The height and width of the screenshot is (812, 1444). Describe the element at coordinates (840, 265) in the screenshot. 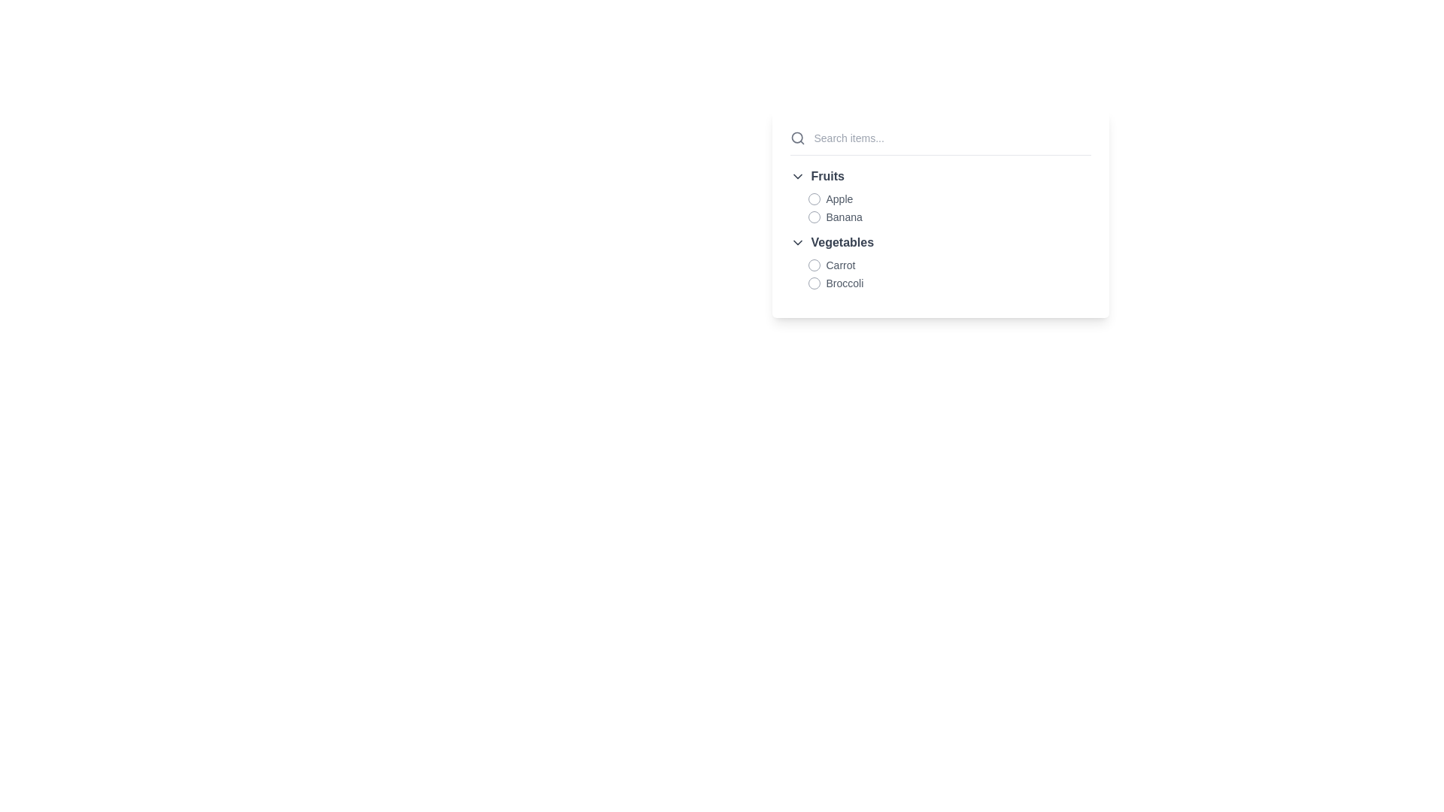

I see `text label that serves as the first selectable option under the 'Vegetables' category, positioned above 'Broccoli.'` at that location.